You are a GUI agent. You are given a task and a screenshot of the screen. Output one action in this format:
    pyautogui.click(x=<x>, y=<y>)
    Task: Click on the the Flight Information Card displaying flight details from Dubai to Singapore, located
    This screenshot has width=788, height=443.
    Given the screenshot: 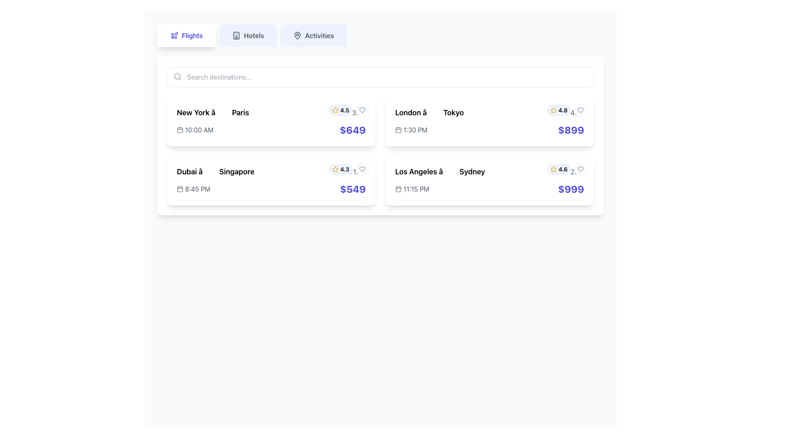 What is the action you would take?
    pyautogui.click(x=271, y=180)
    